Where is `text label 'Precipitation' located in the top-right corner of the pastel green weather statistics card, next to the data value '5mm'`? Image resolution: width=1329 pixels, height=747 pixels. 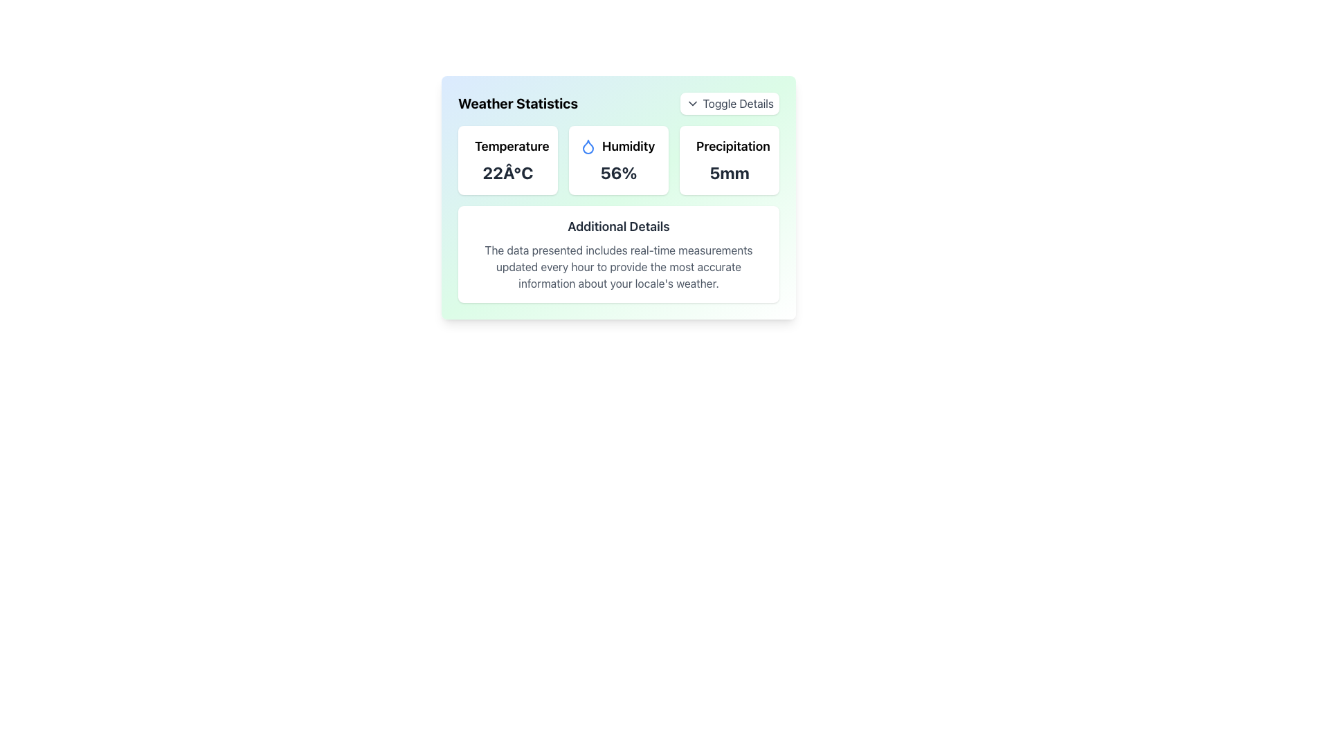
text label 'Precipitation' located in the top-right corner of the pastel green weather statistics card, next to the data value '5mm' is located at coordinates (732, 147).